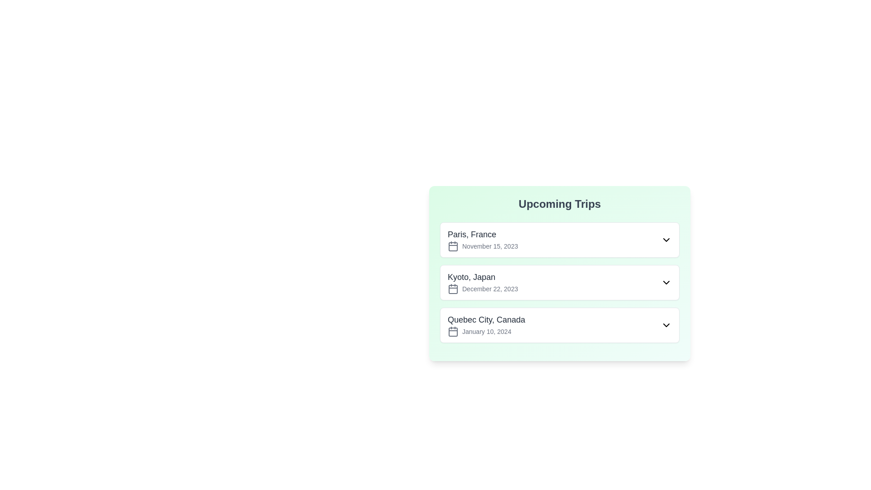 The image size is (871, 490). Describe the element at coordinates (482, 289) in the screenshot. I see `date information from the informational label located under the 'Kyoto, Japan' section in the trip list` at that location.